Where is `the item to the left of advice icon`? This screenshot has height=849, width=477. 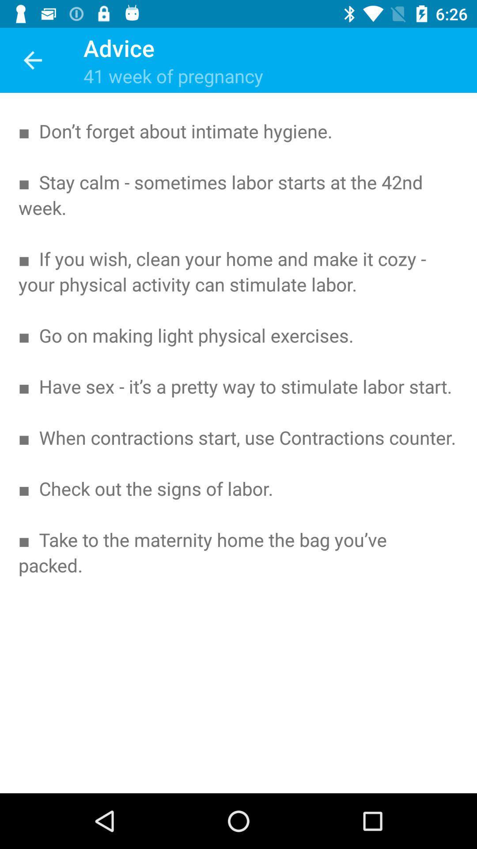
the item to the left of advice icon is located at coordinates (32, 60).